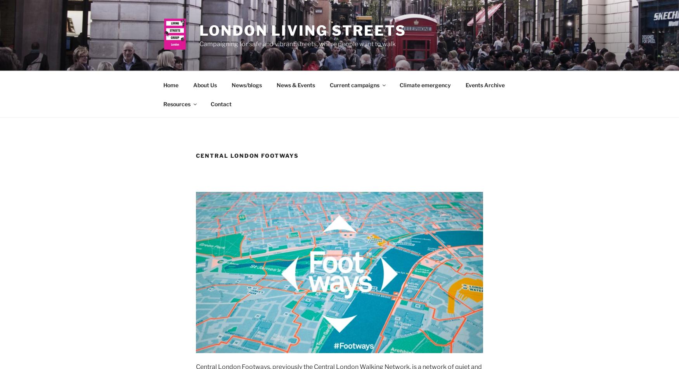 Image resolution: width=679 pixels, height=369 pixels. I want to click on 'About Us', so click(204, 84).